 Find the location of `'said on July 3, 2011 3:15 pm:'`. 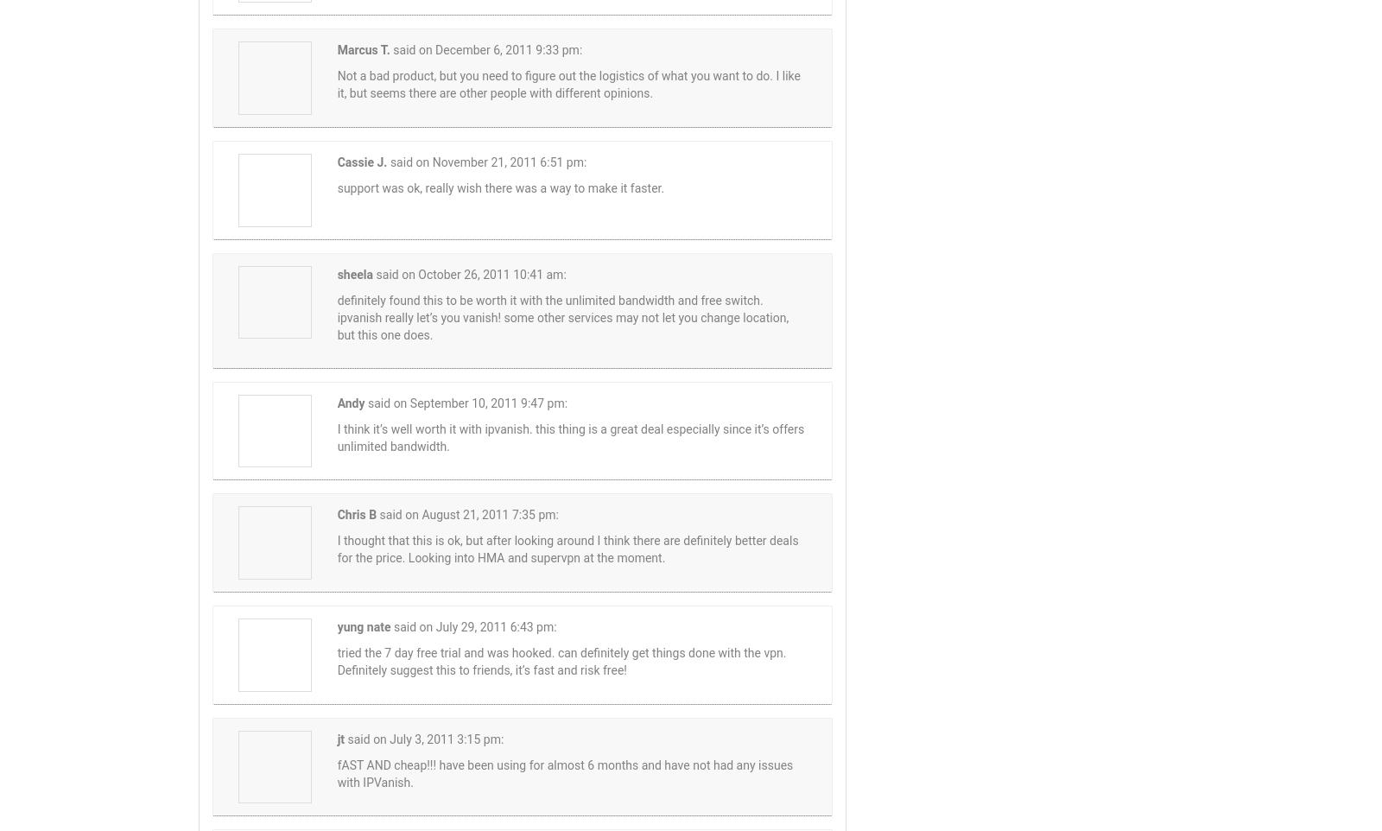

'said on July 3, 2011 3:15 pm:' is located at coordinates (345, 739).